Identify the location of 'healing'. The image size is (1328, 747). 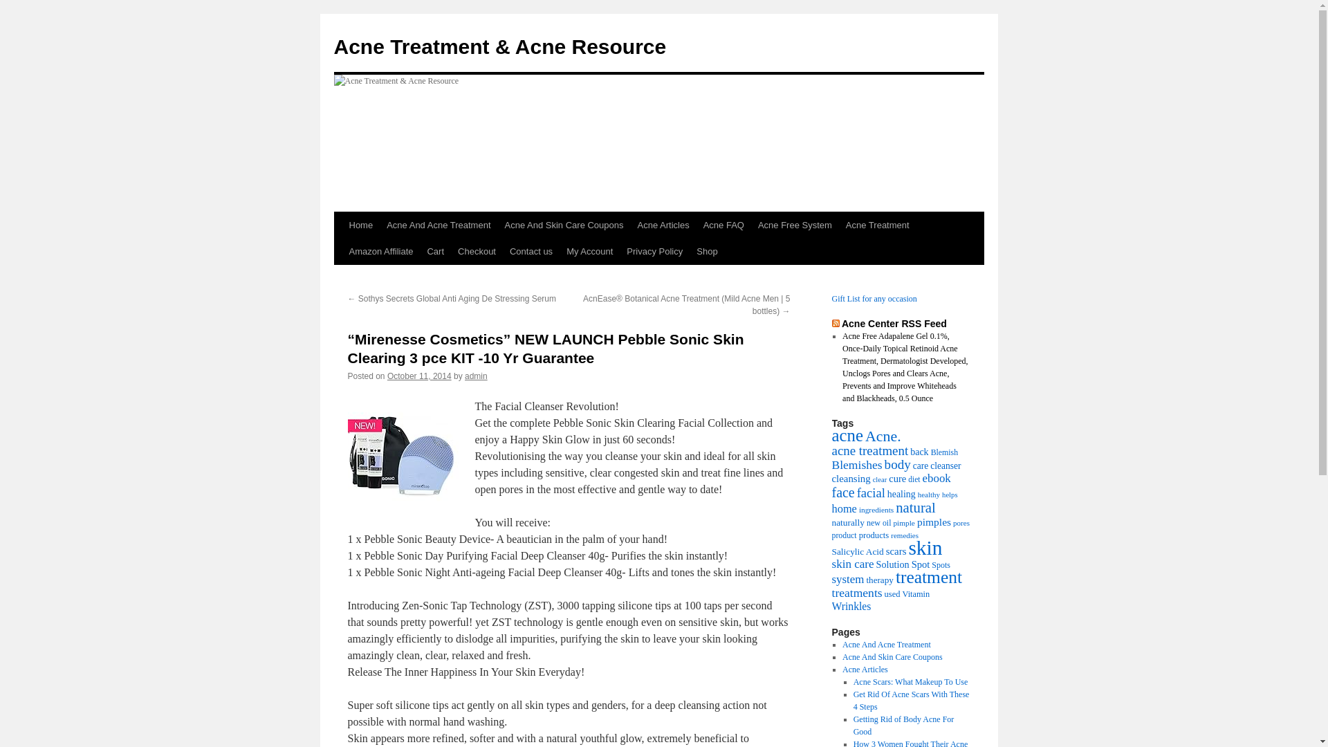
(901, 493).